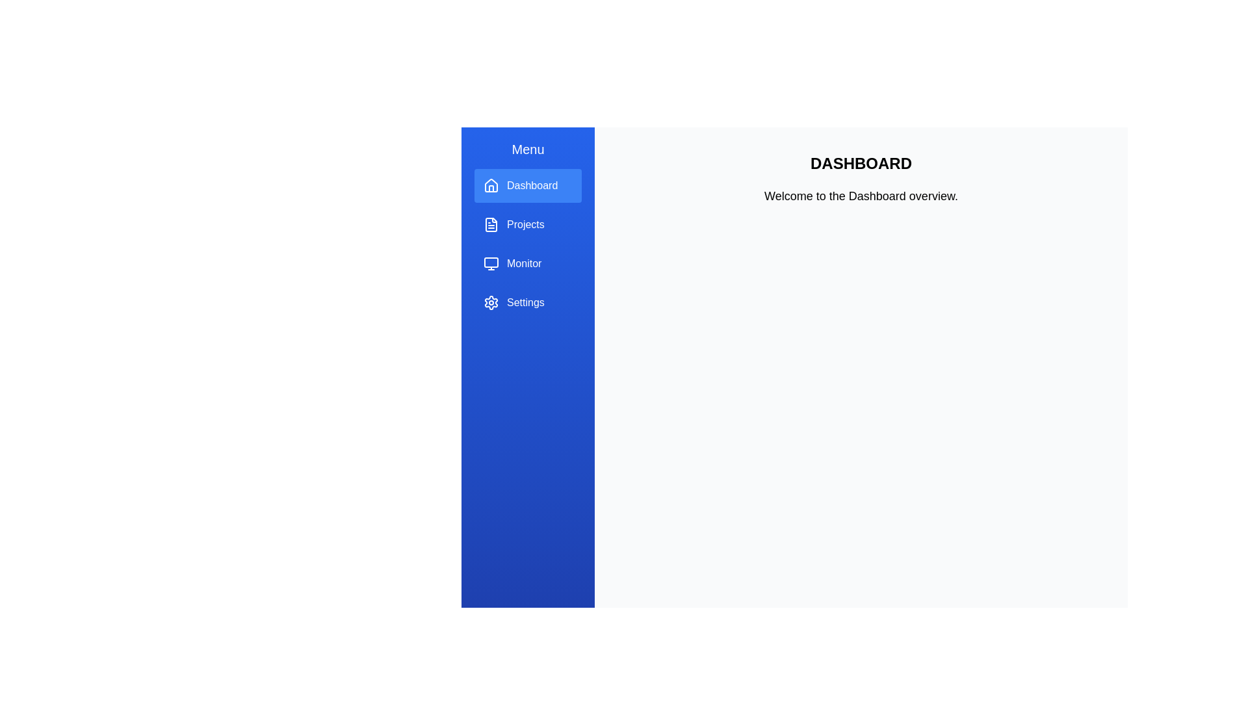 The width and height of the screenshot is (1248, 702). Describe the element at coordinates (490, 263) in the screenshot. I see `the SVG rectangle representing the 'Monitor' icon in the sidebar menu` at that location.